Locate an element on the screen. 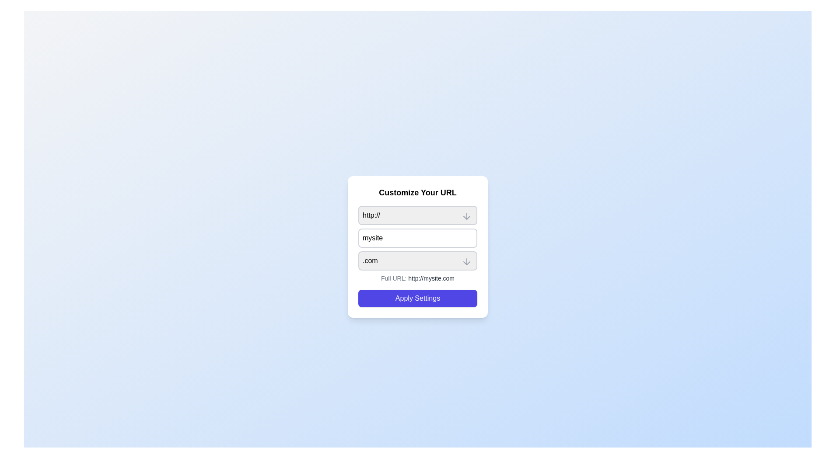 The image size is (840, 472). the dropdown menu element with a light gray border and rounded corners by is located at coordinates (417, 215).